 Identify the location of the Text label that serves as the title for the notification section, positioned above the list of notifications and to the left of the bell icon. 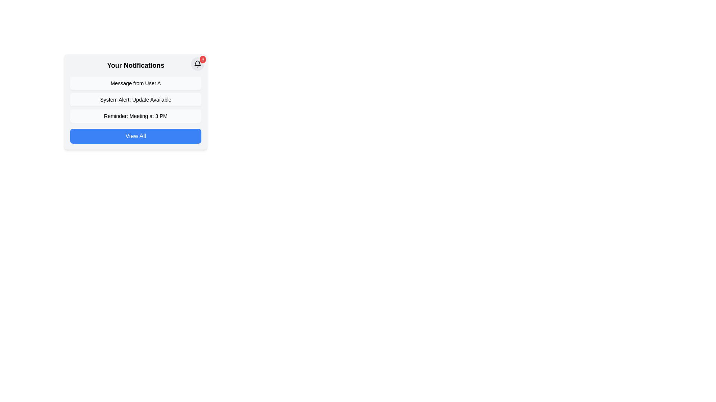
(136, 65).